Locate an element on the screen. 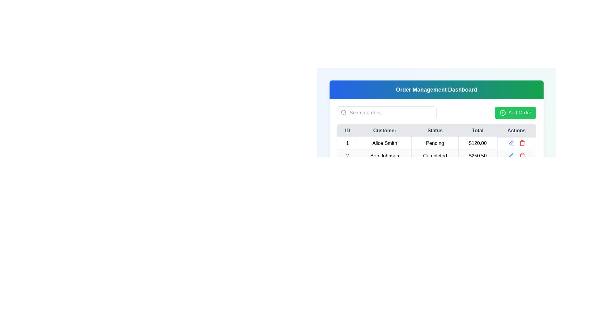 The image size is (593, 333). the trash bin icon in the 'Actions' column of the table is located at coordinates (522, 156).